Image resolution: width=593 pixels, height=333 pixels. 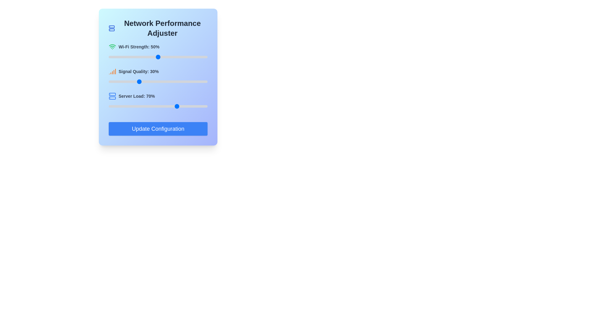 I want to click on the 'Update Configuration' button, which is a rectangular button with rounded corners, a blue background, and white text, located at the bottom of the 'Network Performance Adjuster' panel, so click(x=158, y=128).